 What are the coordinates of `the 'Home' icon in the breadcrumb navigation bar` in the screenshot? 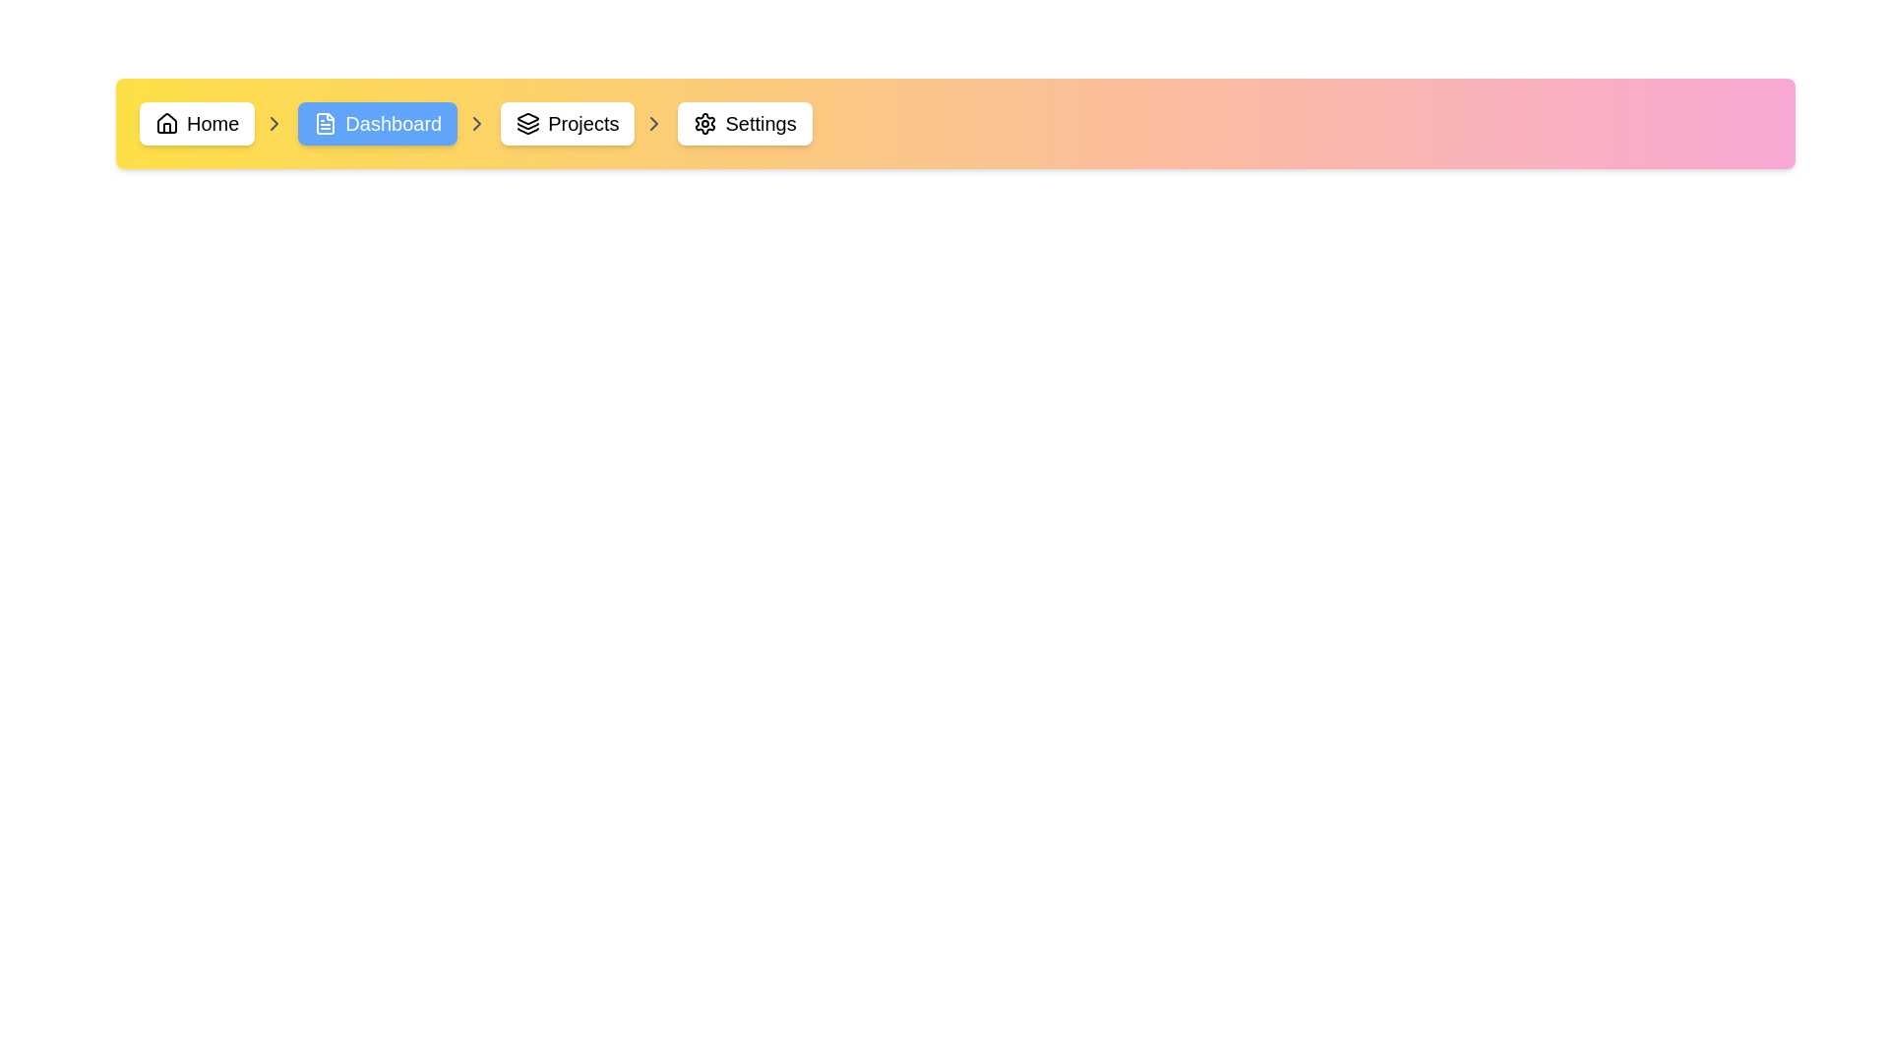 It's located at (166, 122).